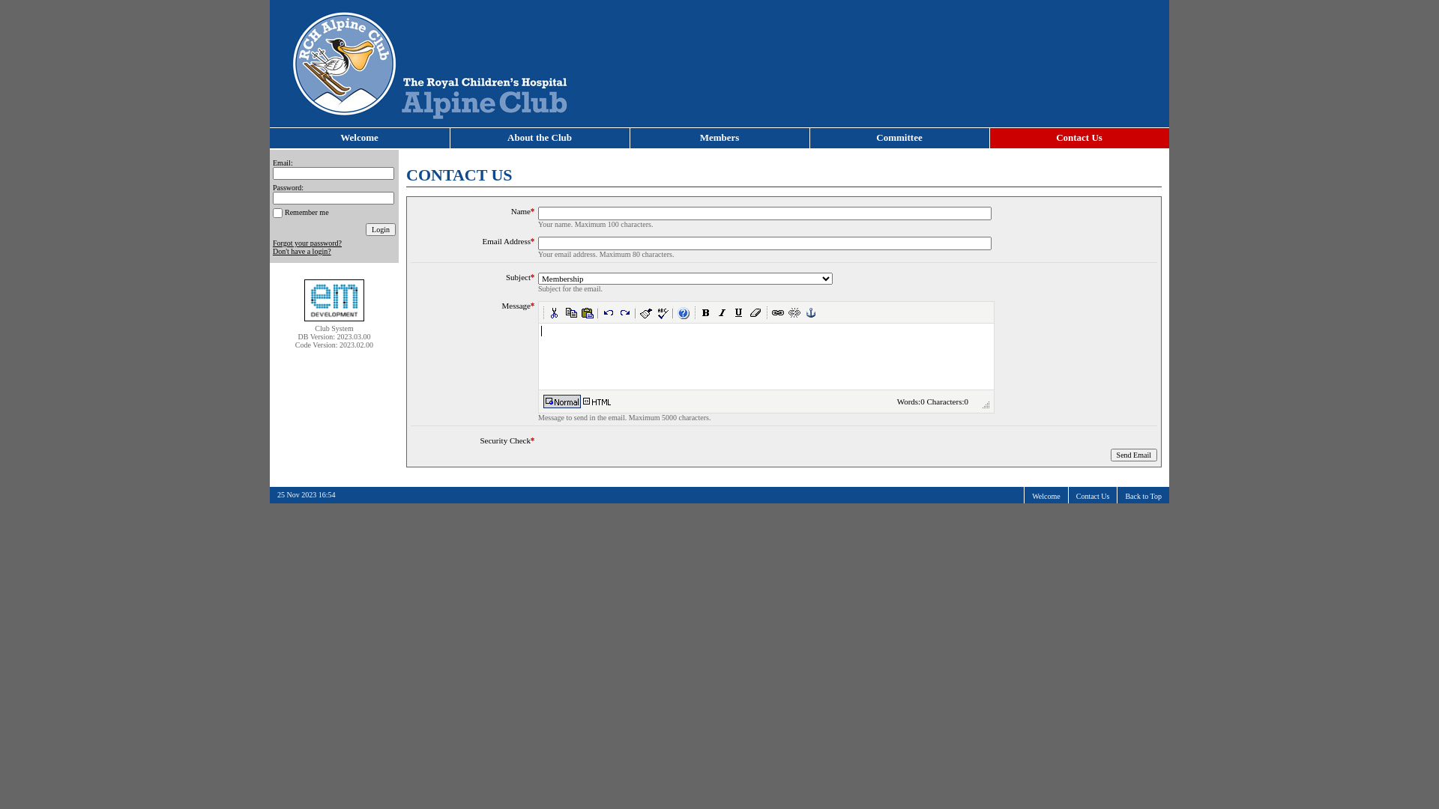  I want to click on 'Insert Anchor', so click(809, 312).